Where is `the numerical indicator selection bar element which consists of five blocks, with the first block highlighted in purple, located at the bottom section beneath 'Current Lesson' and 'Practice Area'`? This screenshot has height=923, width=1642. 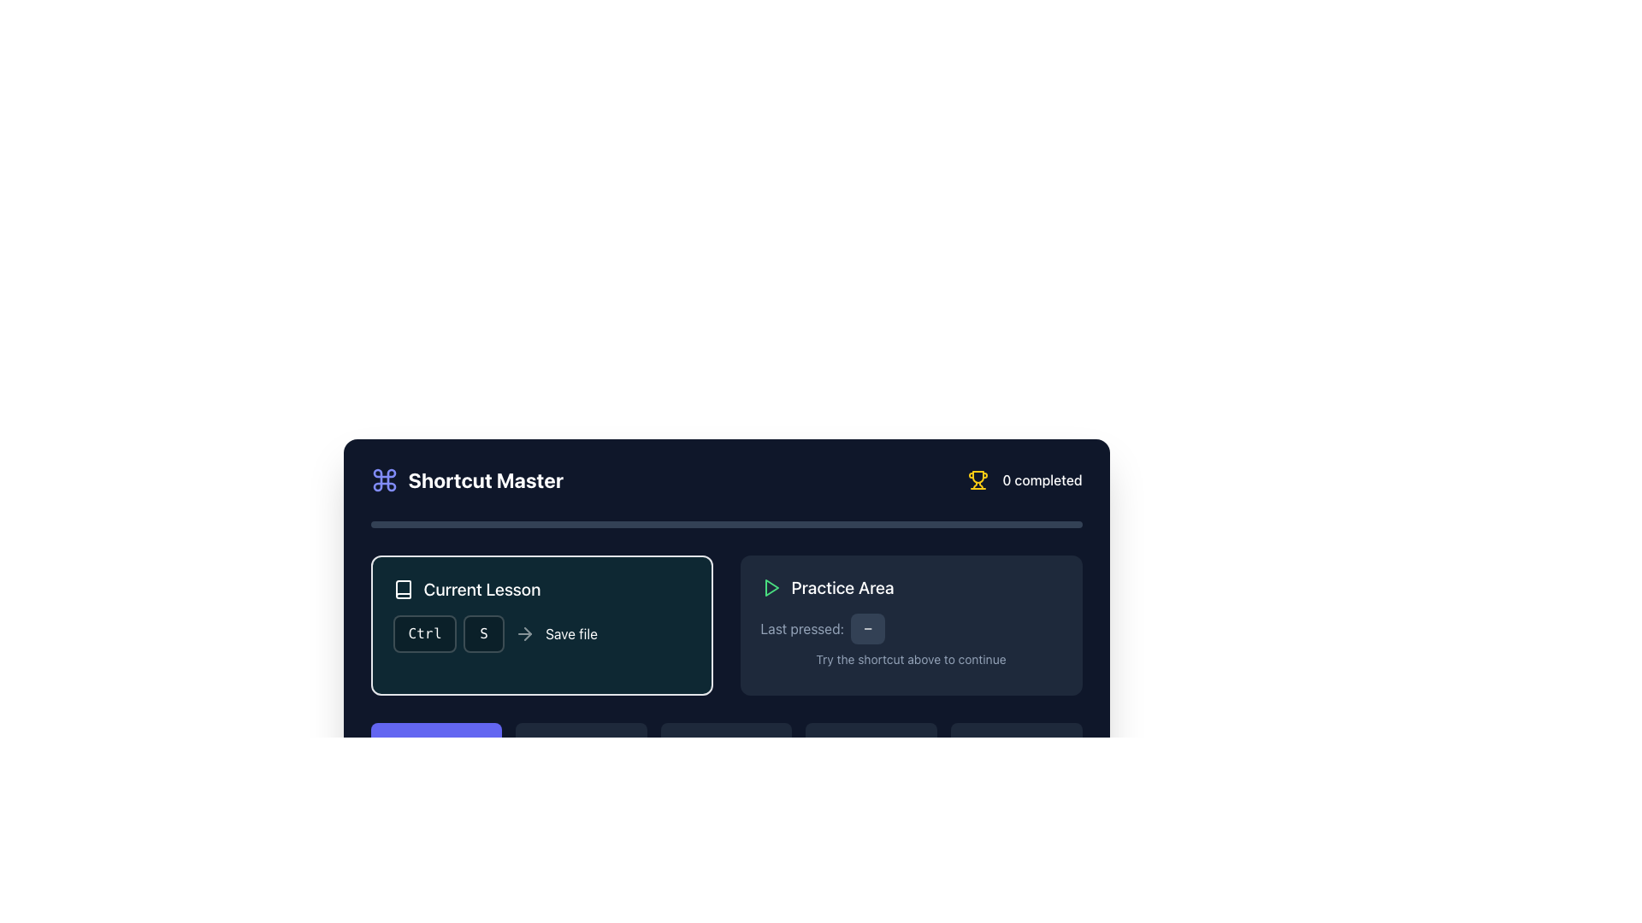
the numerical indicator selection bar element which consists of five blocks, with the first block highlighted in purple, located at the bottom section beneath 'Current Lesson' and 'Practice Area' is located at coordinates (726, 746).